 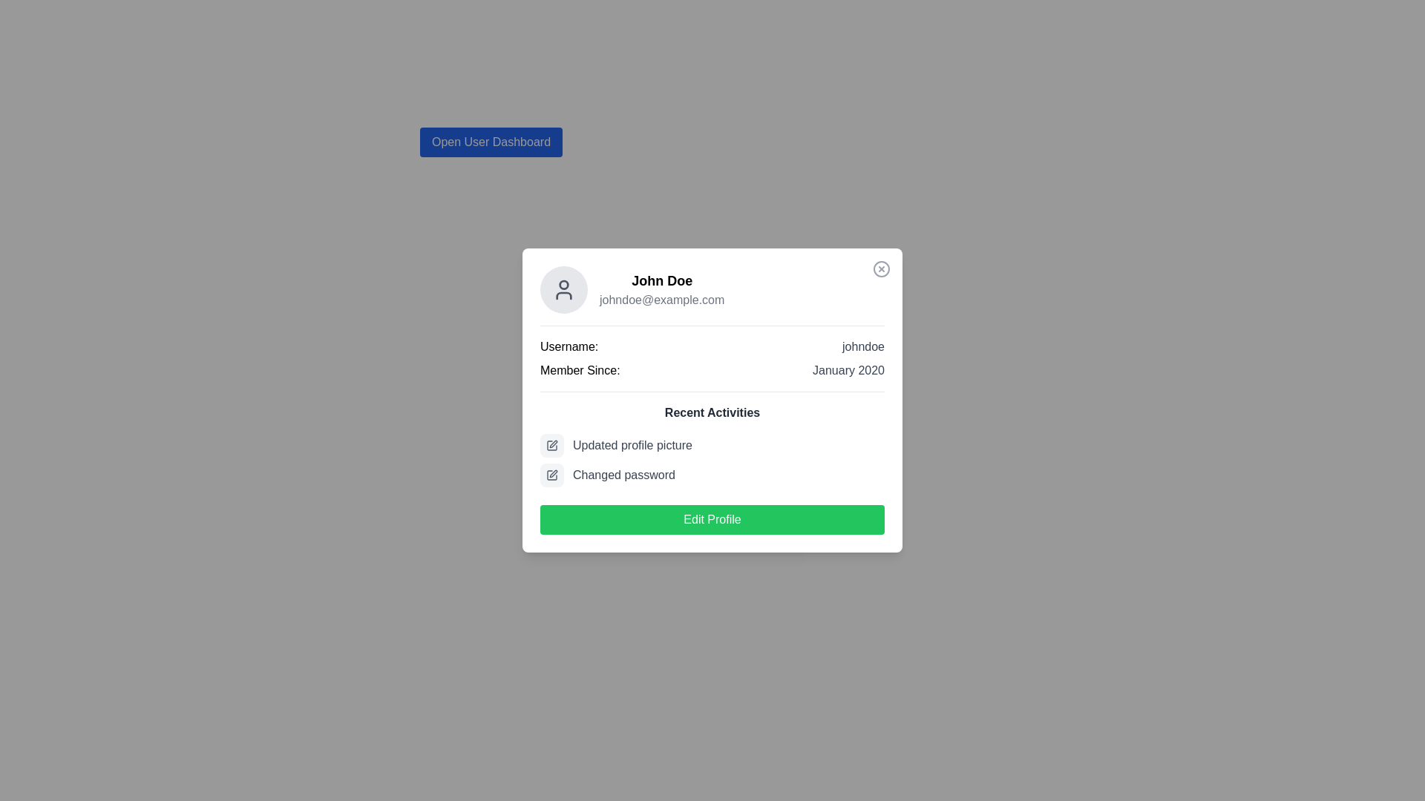 I want to click on the text label displaying the email address associated with user 'John Doe', located within the user profile card beneath the username, so click(x=661, y=300).